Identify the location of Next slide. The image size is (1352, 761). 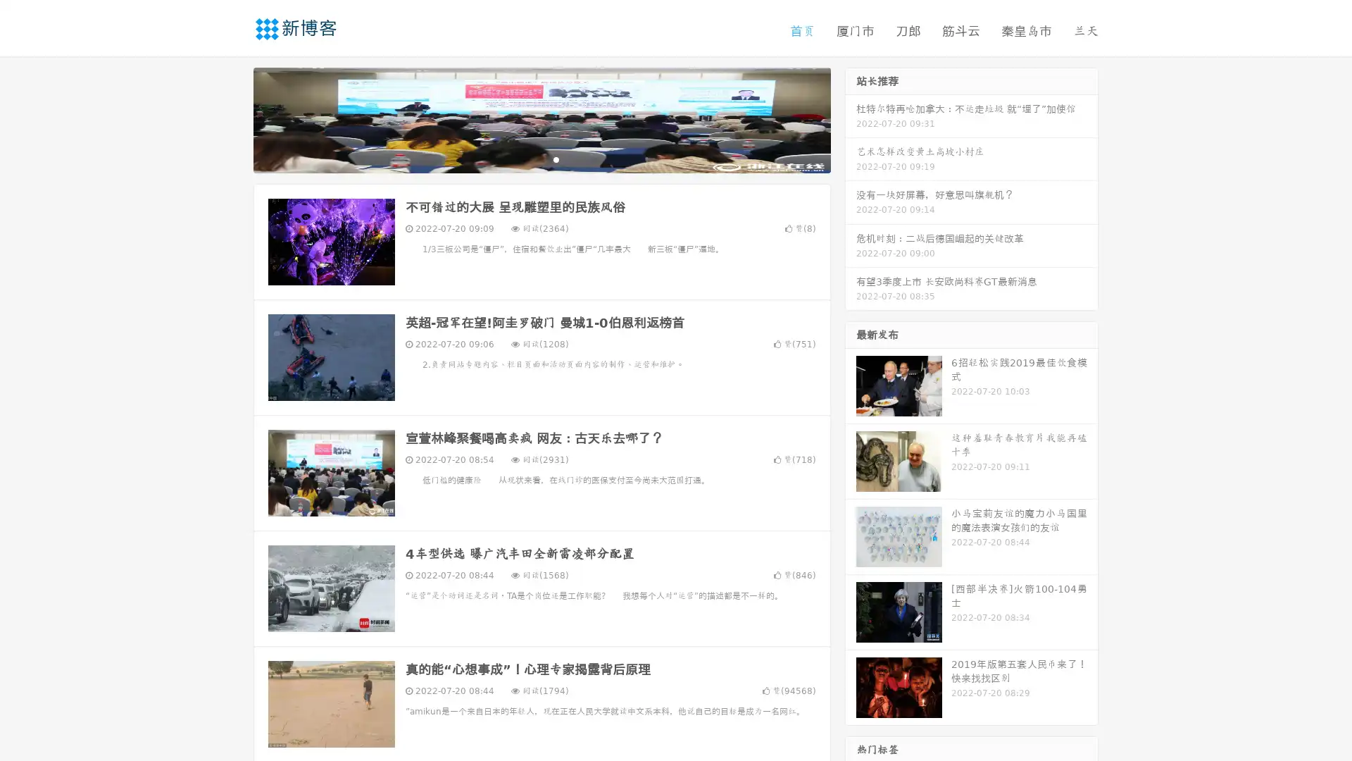
(851, 118).